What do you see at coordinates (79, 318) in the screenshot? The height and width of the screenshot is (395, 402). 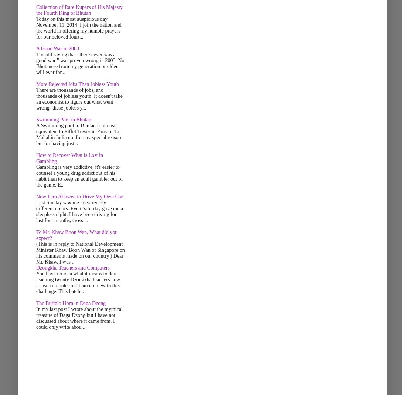 I see `'In my last post I wrote about the mythical treasure of Daga Dzong but I have not discussed about where it came from. I could only write abou...'` at bounding box center [79, 318].